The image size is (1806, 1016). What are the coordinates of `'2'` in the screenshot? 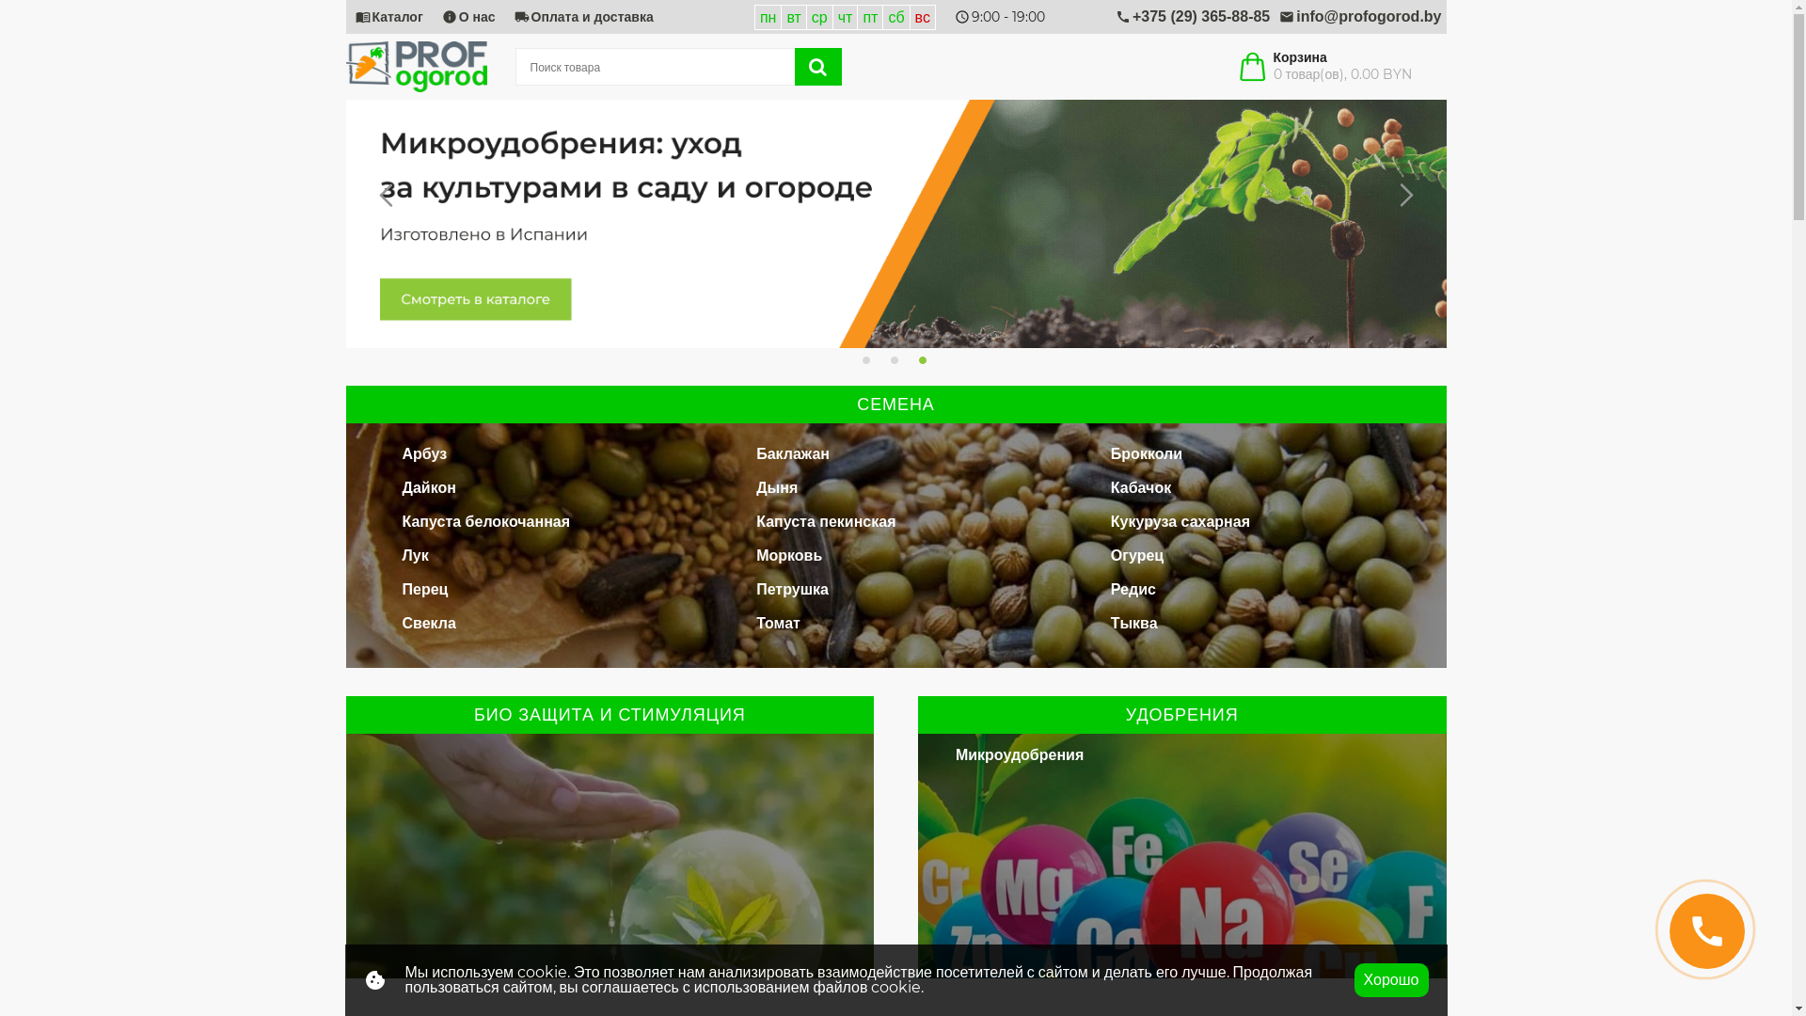 It's located at (894, 362).